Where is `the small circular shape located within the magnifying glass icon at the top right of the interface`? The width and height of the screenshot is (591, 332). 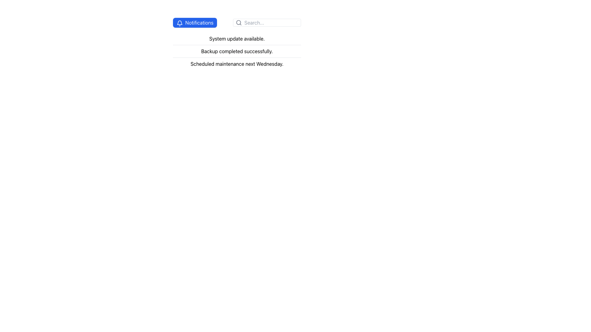 the small circular shape located within the magnifying glass icon at the top right of the interface is located at coordinates (238, 22).